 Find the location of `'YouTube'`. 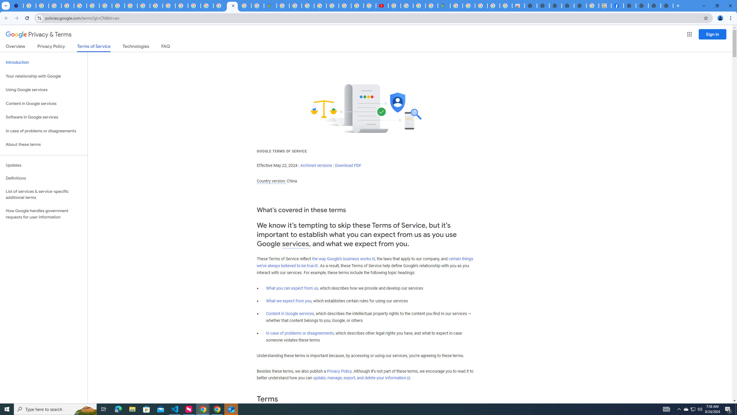

'YouTube' is located at coordinates (93, 5).